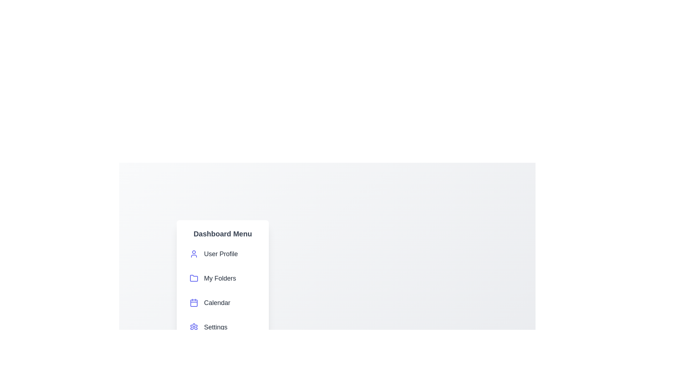 This screenshot has width=691, height=388. I want to click on the menu item Settings to highlight it, so click(222, 327).